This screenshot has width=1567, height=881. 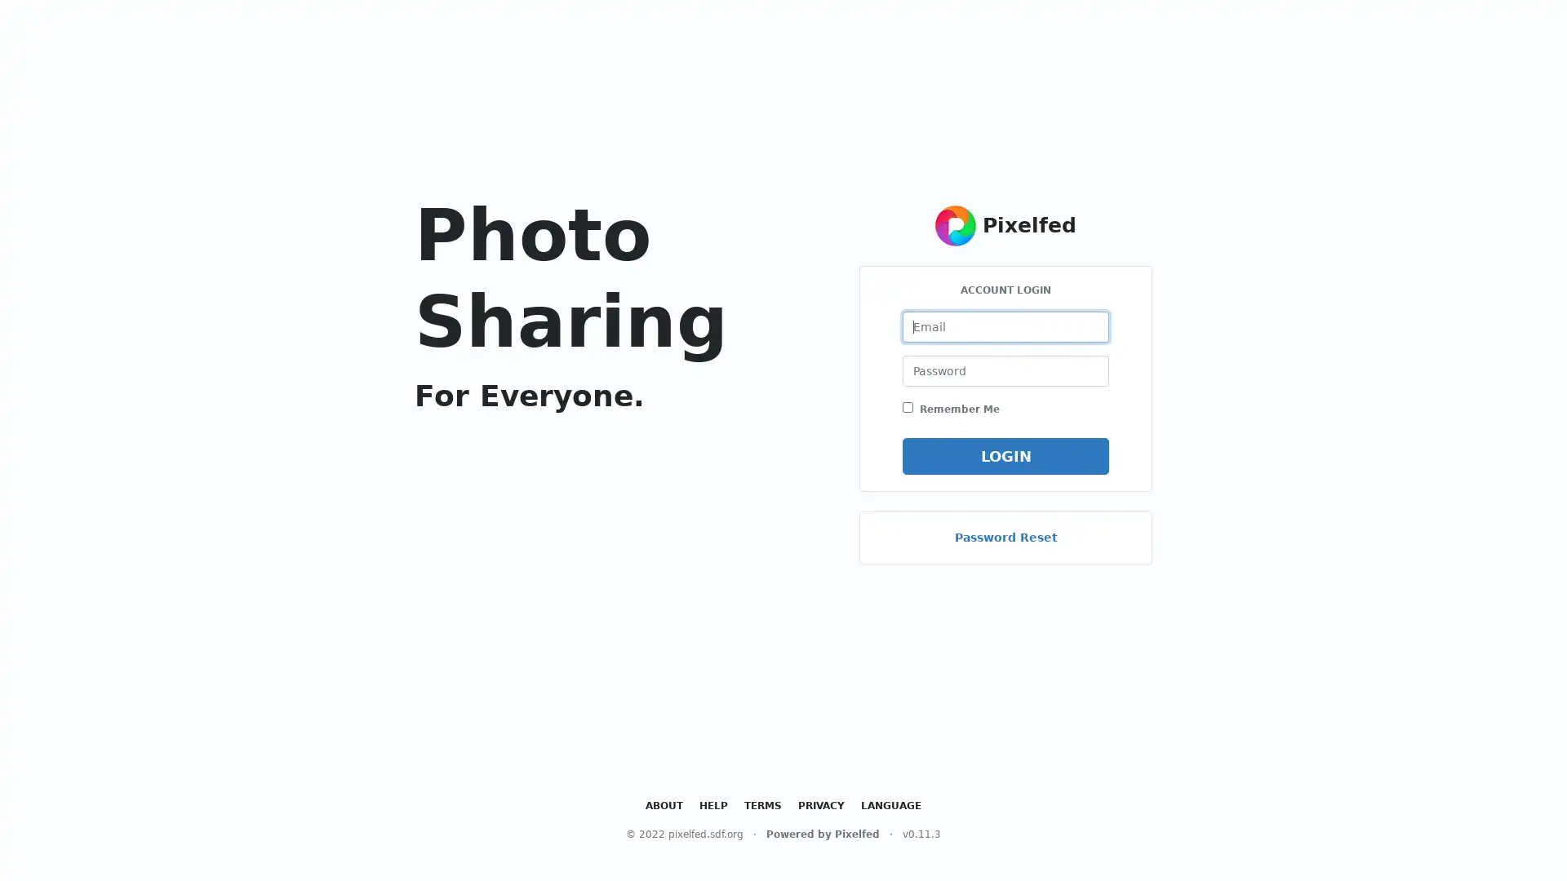 What do you see at coordinates (1005, 455) in the screenshot?
I see `LOGIN` at bounding box center [1005, 455].